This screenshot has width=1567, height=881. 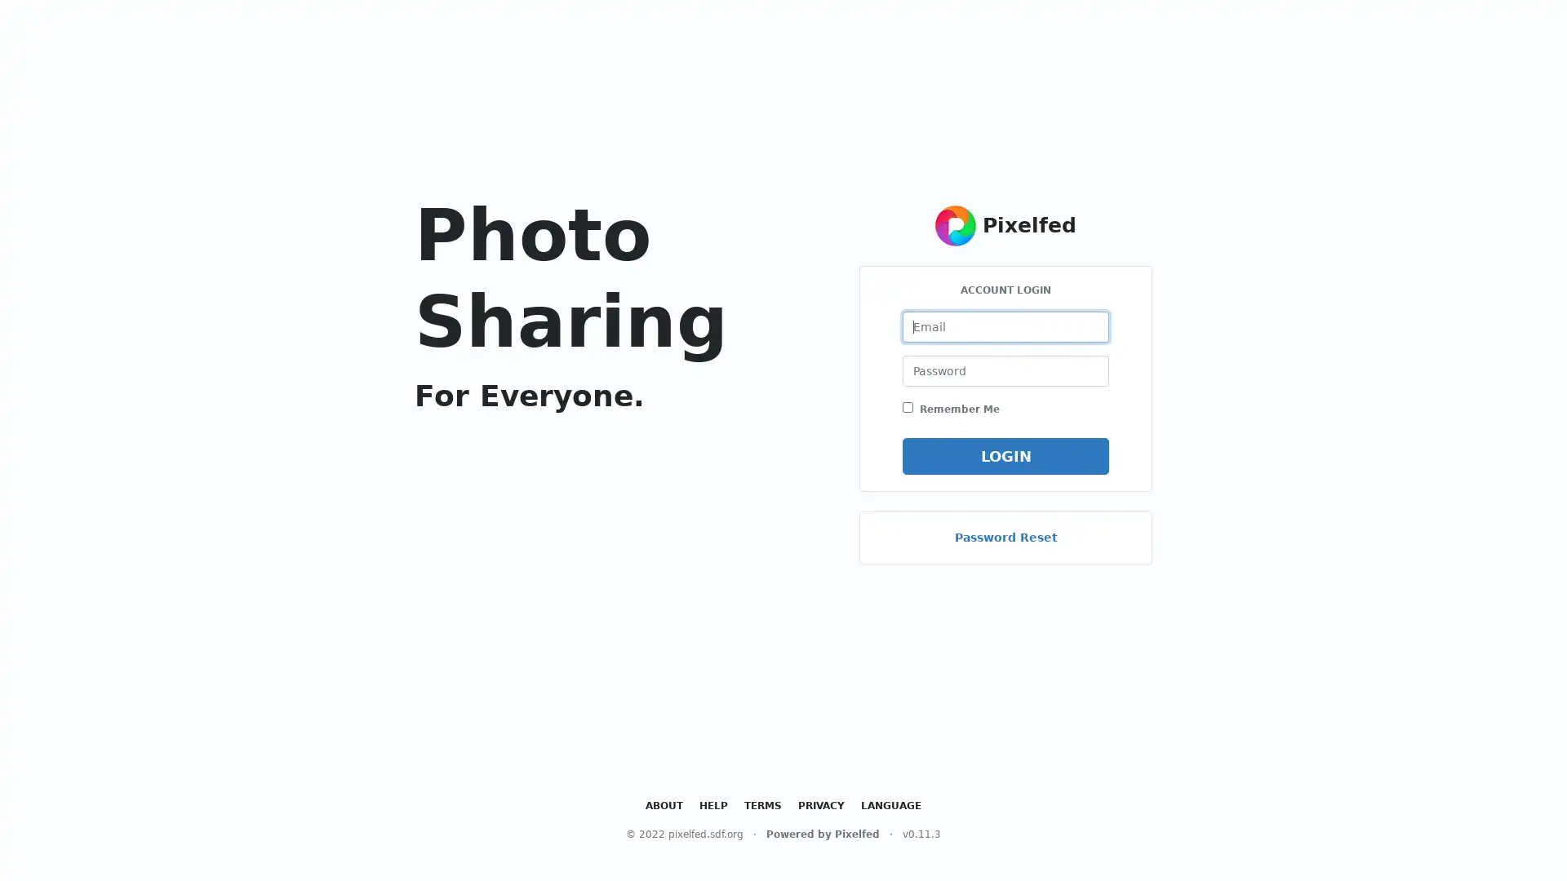 What do you see at coordinates (1005, 455) in the screenshot?
I see `LOGIN` at bounding box center [1005, 455].